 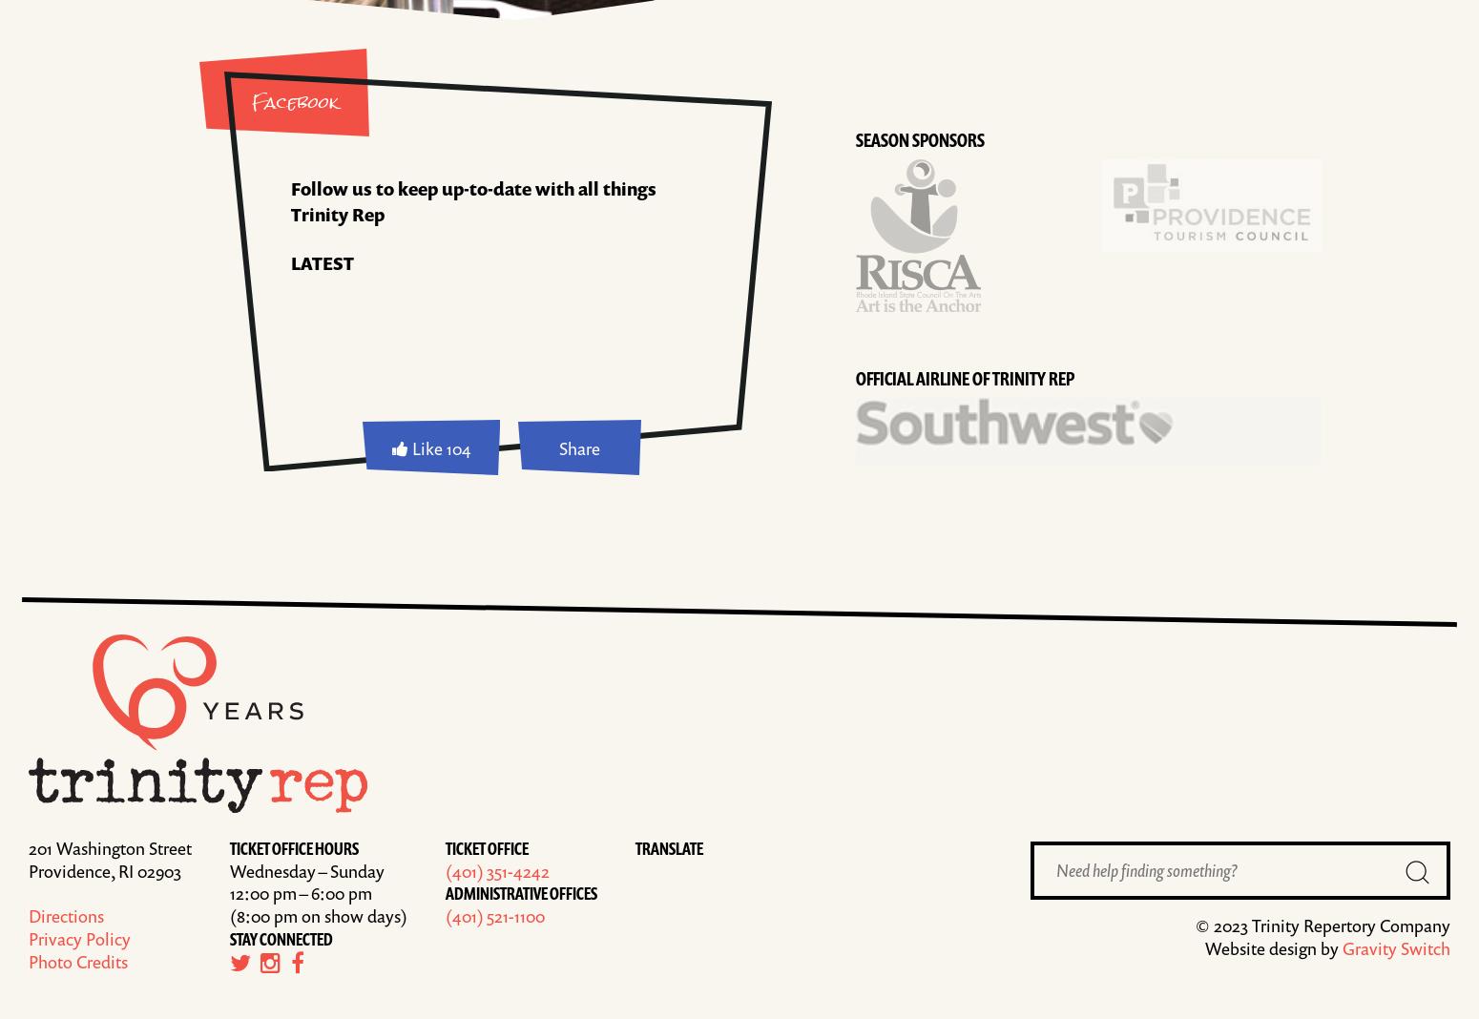 What do you see at coordinates (578, 447) in the screenshot?
I see `'Share'` at bounding box center [578, 447].